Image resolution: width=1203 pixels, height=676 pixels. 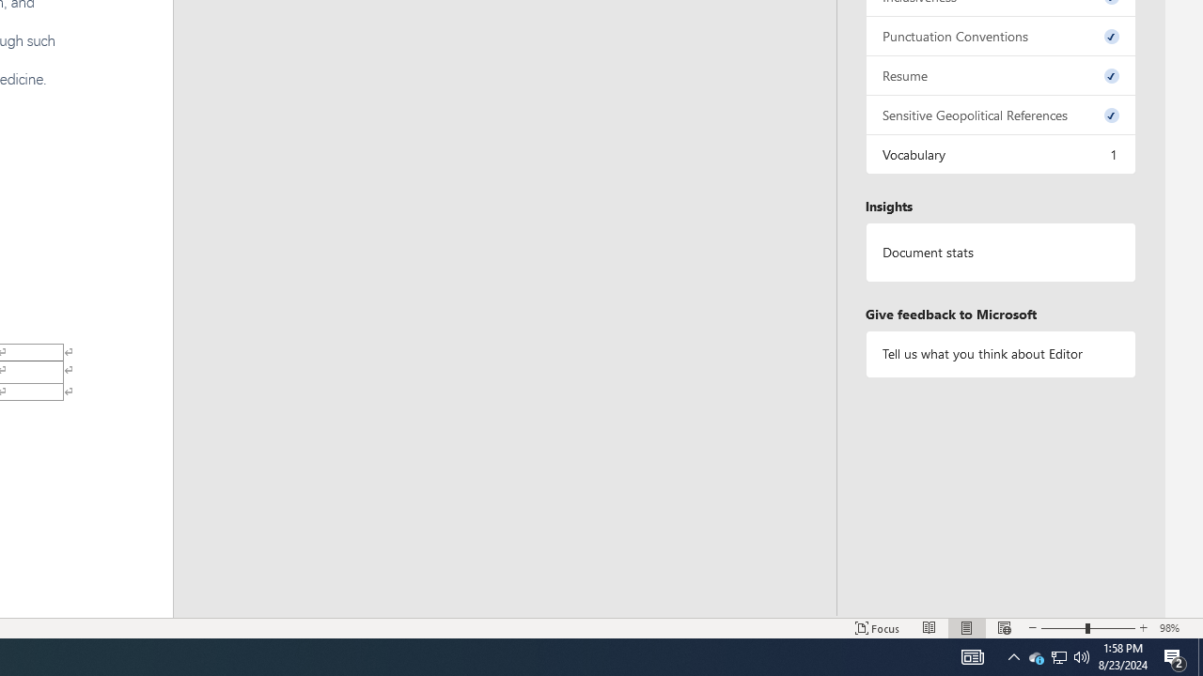 What do you see at coordinates (999, 252) in the screenshot?
I see `'Document statistics'` at bounding box center [999, 252].